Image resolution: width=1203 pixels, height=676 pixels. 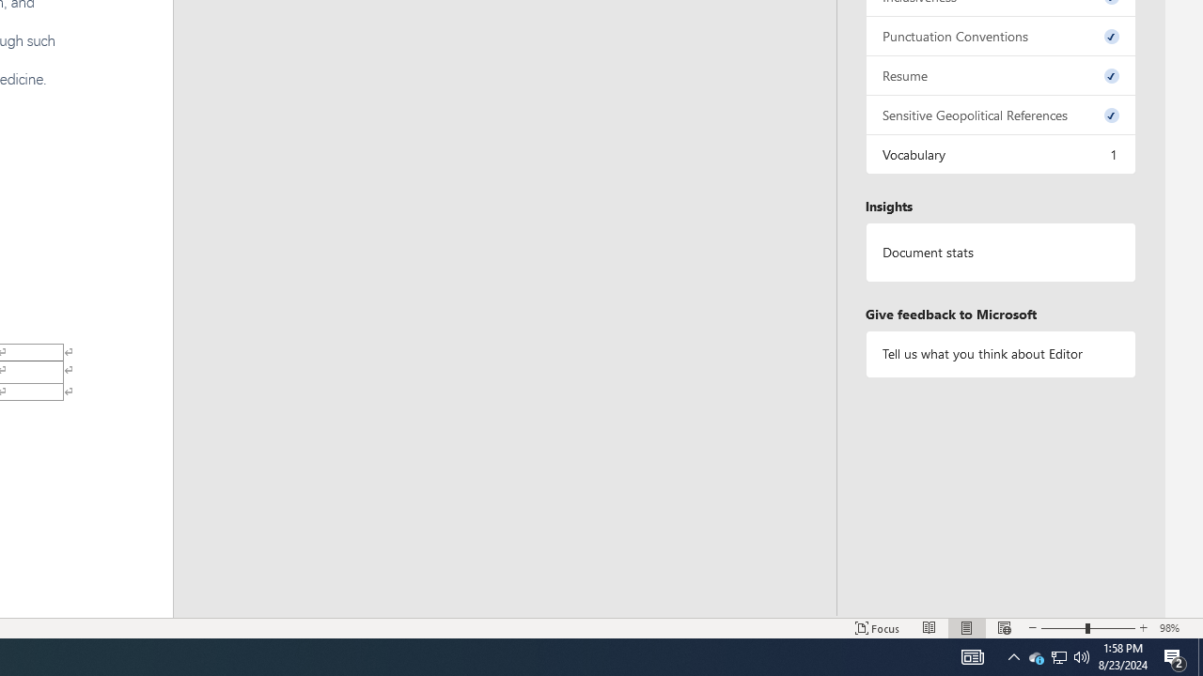 What do you see at coordinates (999, 252) in the screenshot?
I see `'Document statistics'` at bounding box center [999, 252].